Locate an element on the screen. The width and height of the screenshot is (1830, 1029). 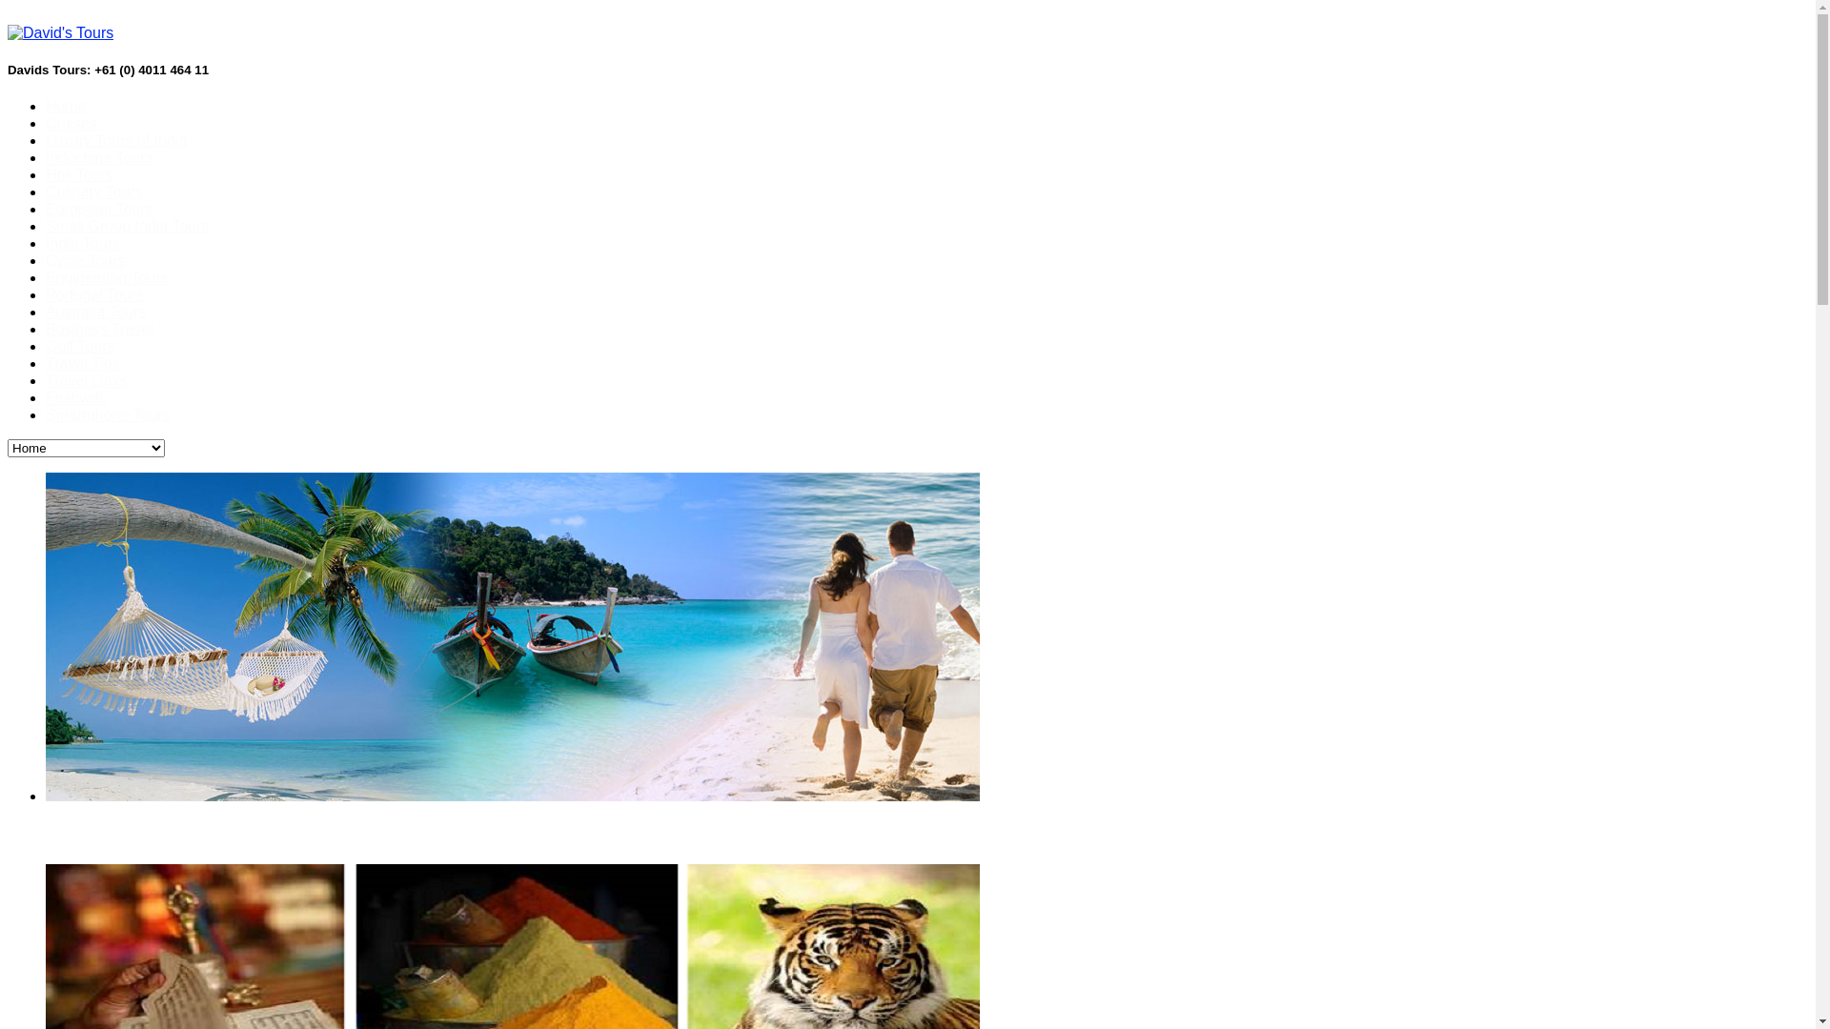
'Travel Links' is located at coordinates (86, 380).